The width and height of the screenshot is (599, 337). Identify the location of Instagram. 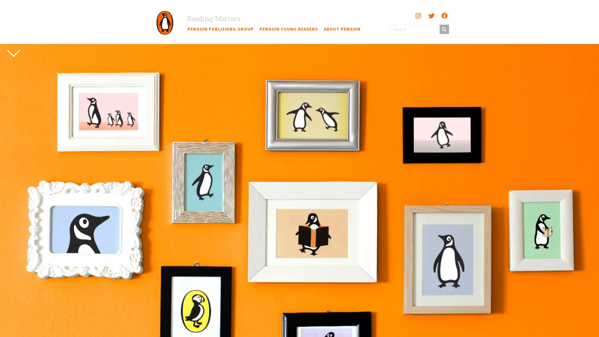
(418, 15).